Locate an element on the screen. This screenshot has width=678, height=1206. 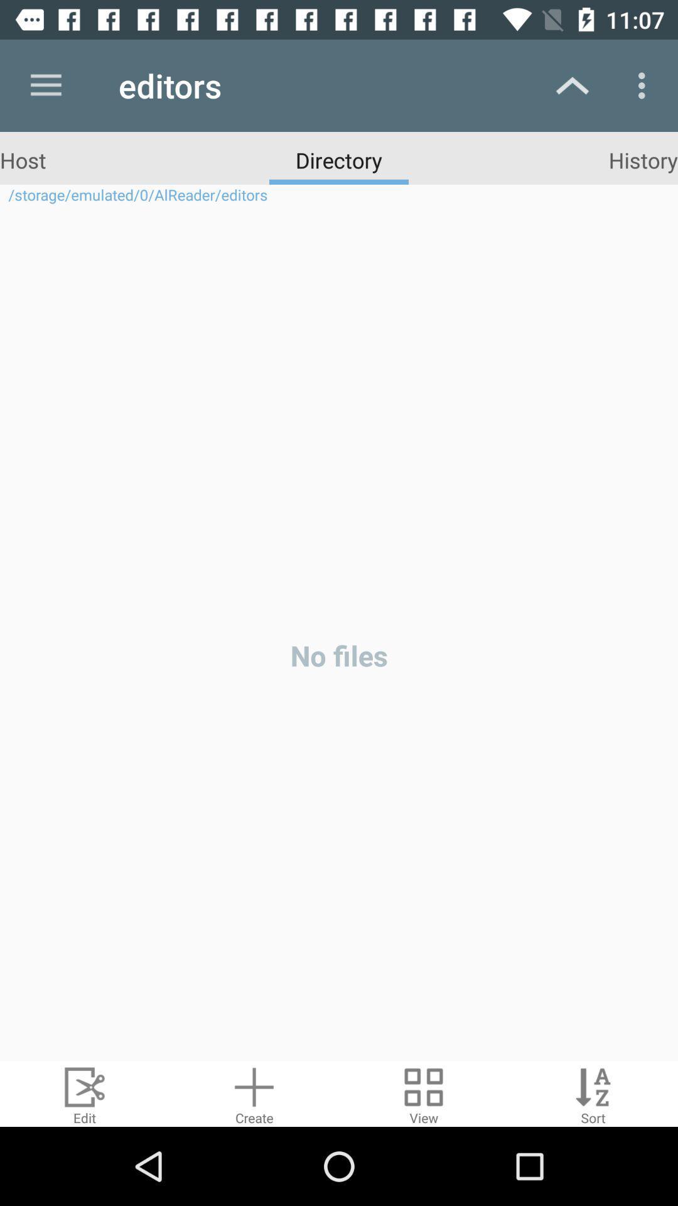
the icon below the storage emulated 0 icon is located at coordinates (339, 633).